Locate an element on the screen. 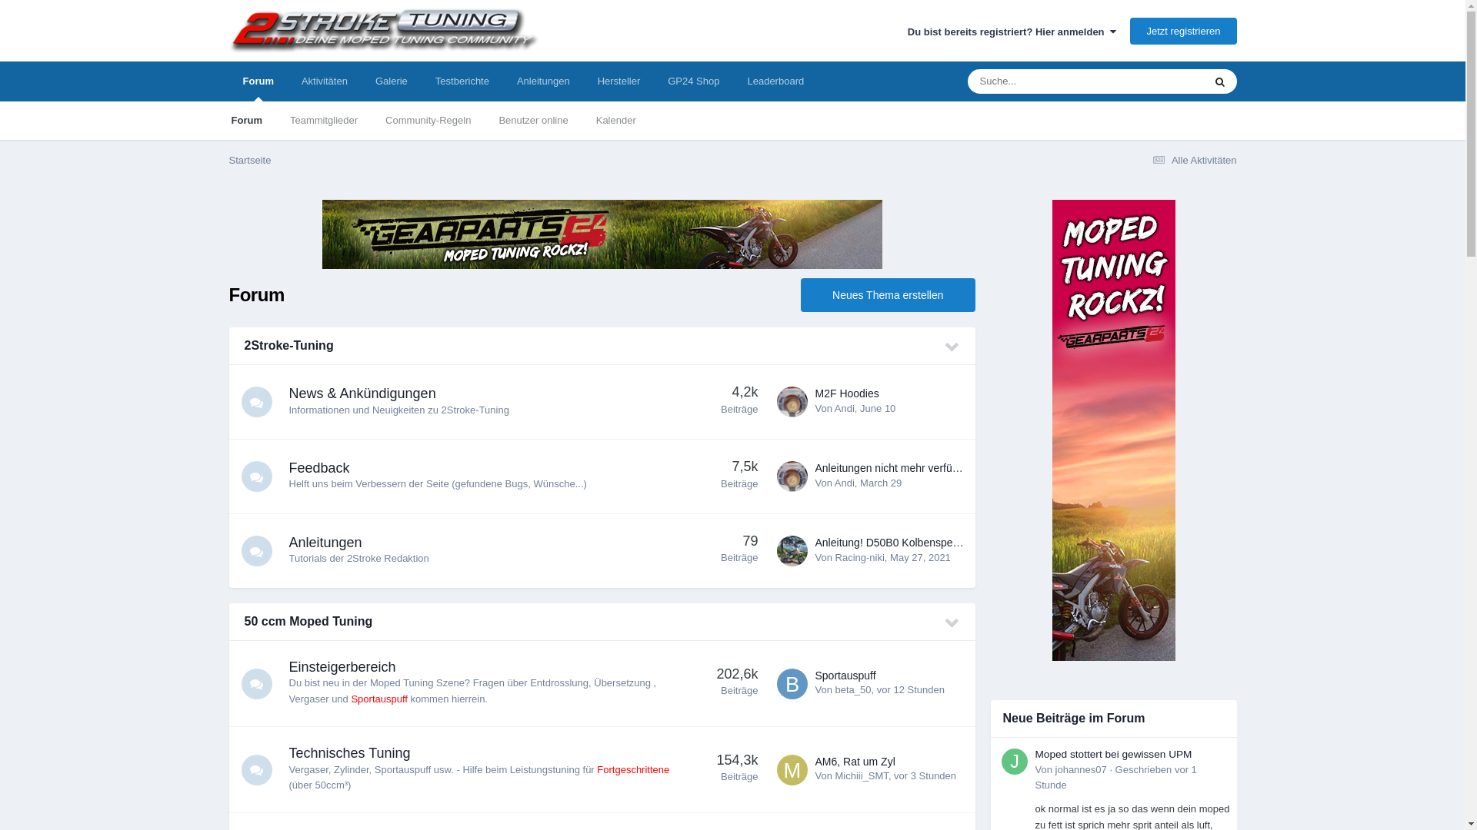  'Michiii_SMT' is located at coordinates (834, 775).